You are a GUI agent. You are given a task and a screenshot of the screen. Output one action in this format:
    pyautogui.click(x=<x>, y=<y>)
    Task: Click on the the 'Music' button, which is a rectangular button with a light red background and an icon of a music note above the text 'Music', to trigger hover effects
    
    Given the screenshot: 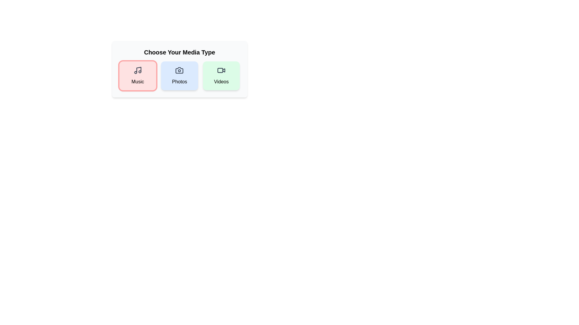 What is the action you would take?
    pyautogui.click(x=137, y=75)
    